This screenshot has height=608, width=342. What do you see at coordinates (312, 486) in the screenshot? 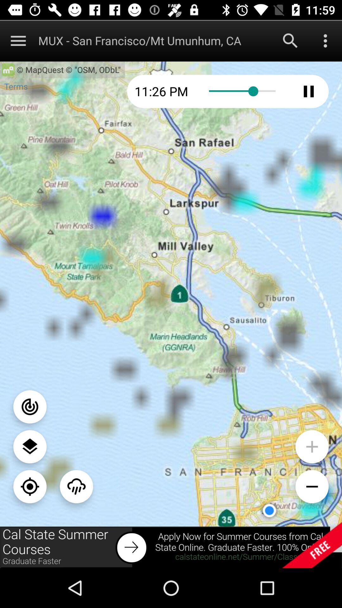
I see `zoom out` at bounding box center [312, 486].